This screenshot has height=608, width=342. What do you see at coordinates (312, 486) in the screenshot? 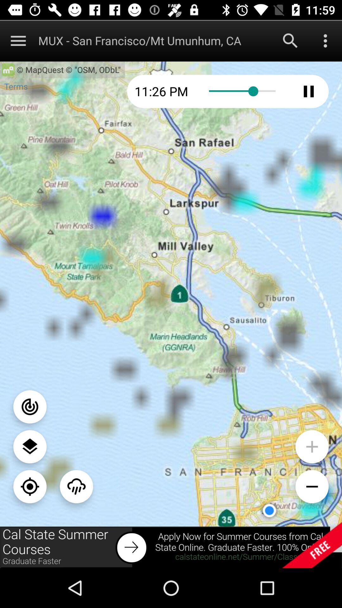
I see `zoom out` at bounding box center [312, 486].